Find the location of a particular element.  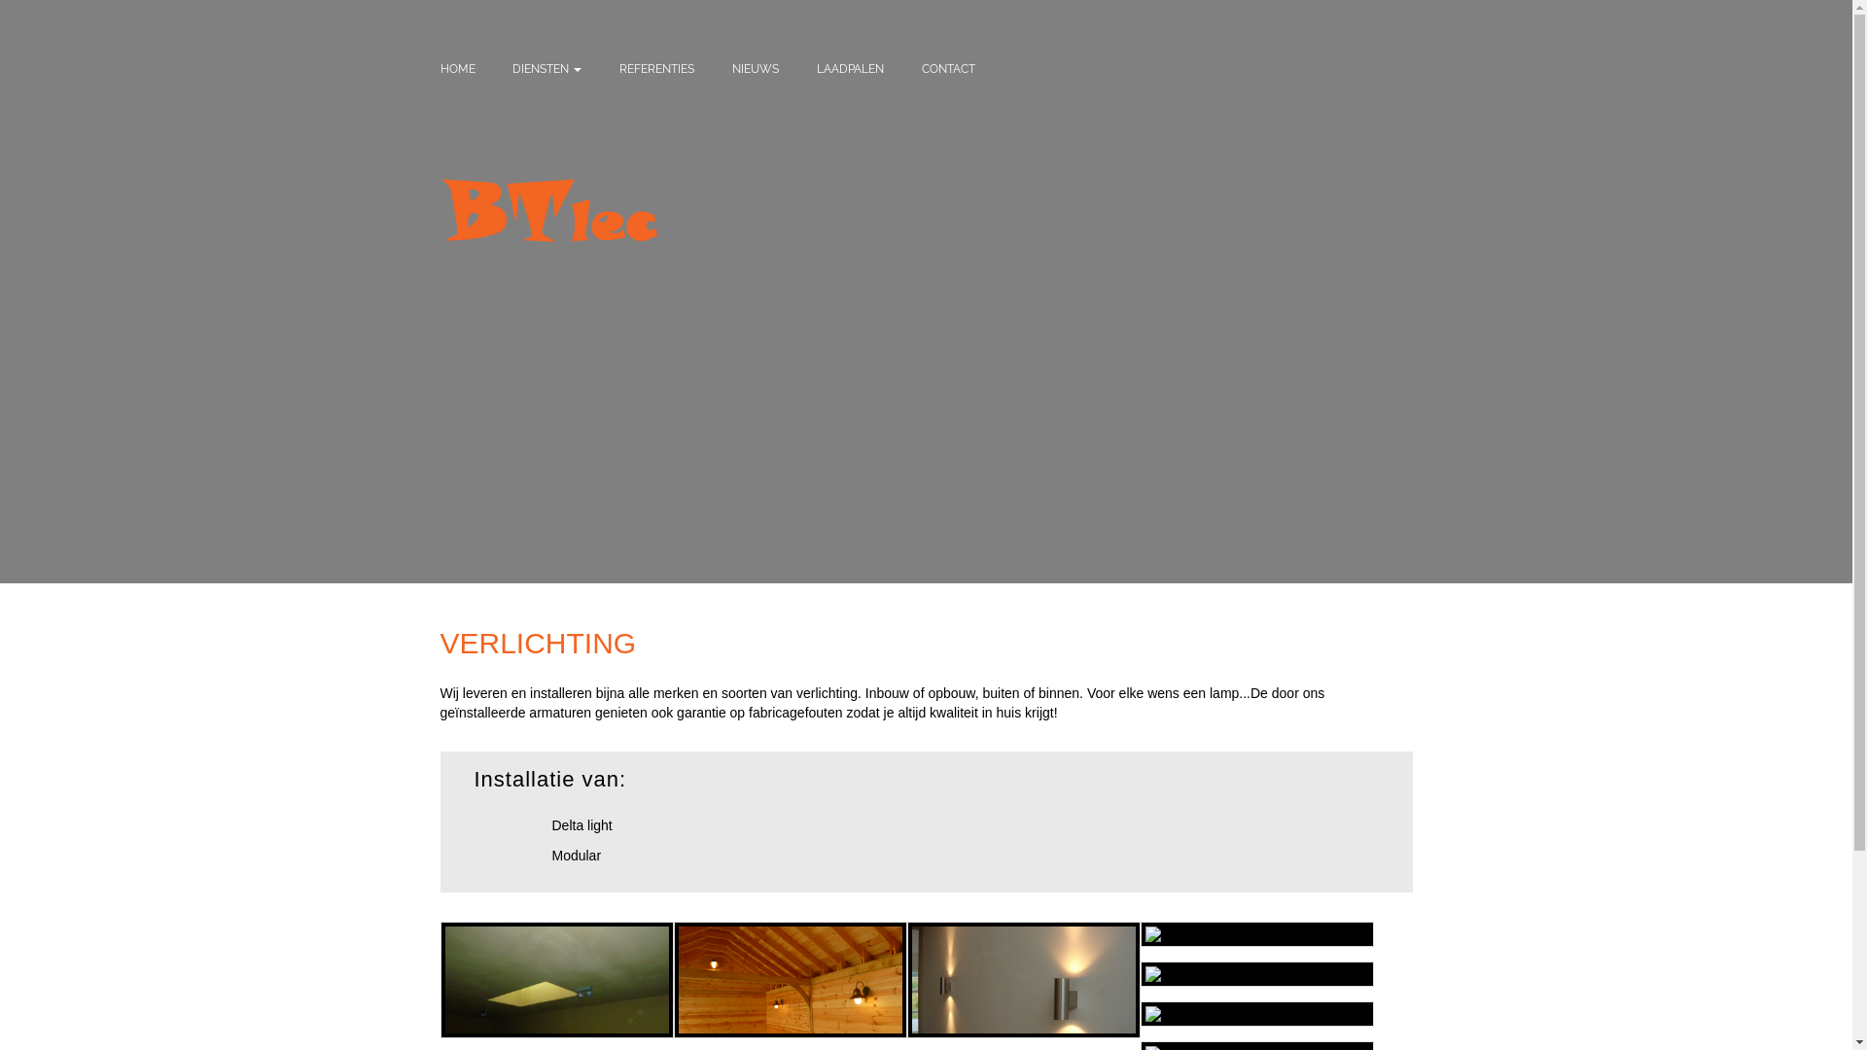

'REFERENTIES' is located at coordinates (656, 67).